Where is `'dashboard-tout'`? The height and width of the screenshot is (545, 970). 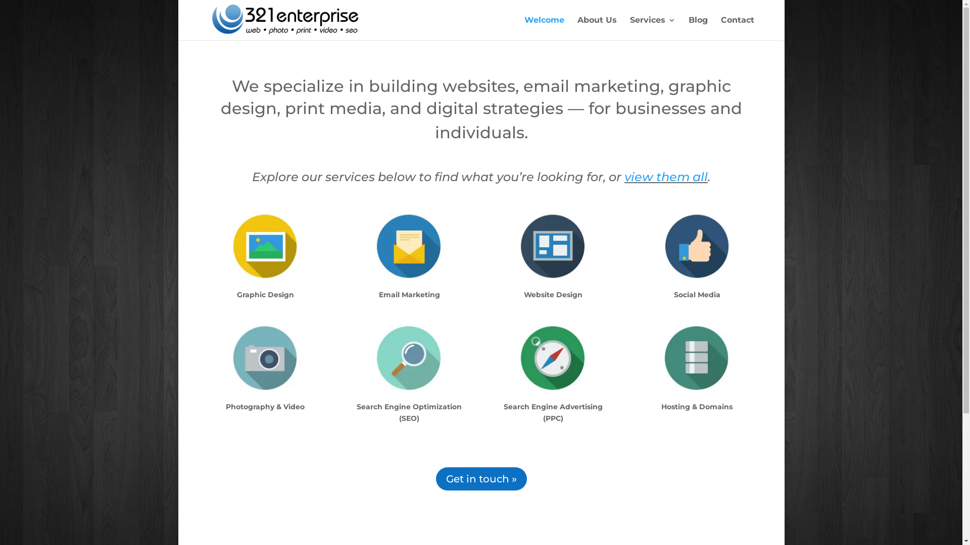 'dashboard-tout' is located at coordinates (552, 246).